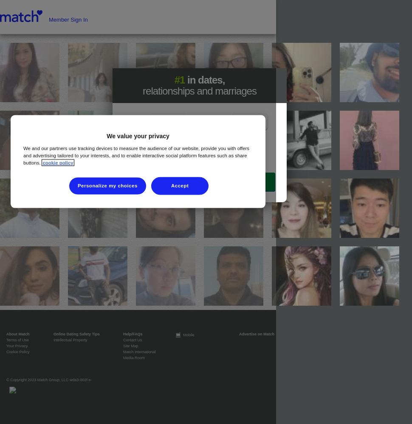  Describe the element at coordinates (18, 351) in the screenshot. I see `'Cookie Policy'` at that location.